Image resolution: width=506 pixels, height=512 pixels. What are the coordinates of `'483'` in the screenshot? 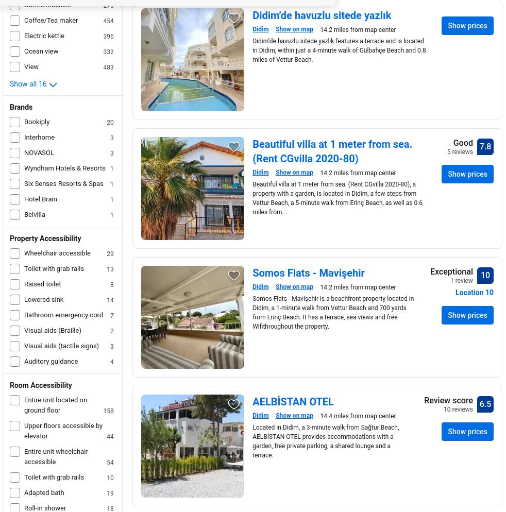 It's located at (107, 67).